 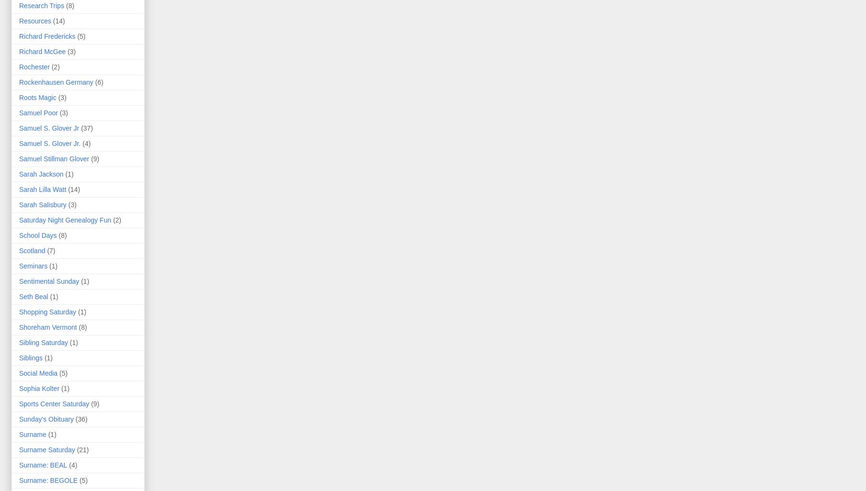 I want to click on 'Sibling Saturday', so click(x=43, y=342).